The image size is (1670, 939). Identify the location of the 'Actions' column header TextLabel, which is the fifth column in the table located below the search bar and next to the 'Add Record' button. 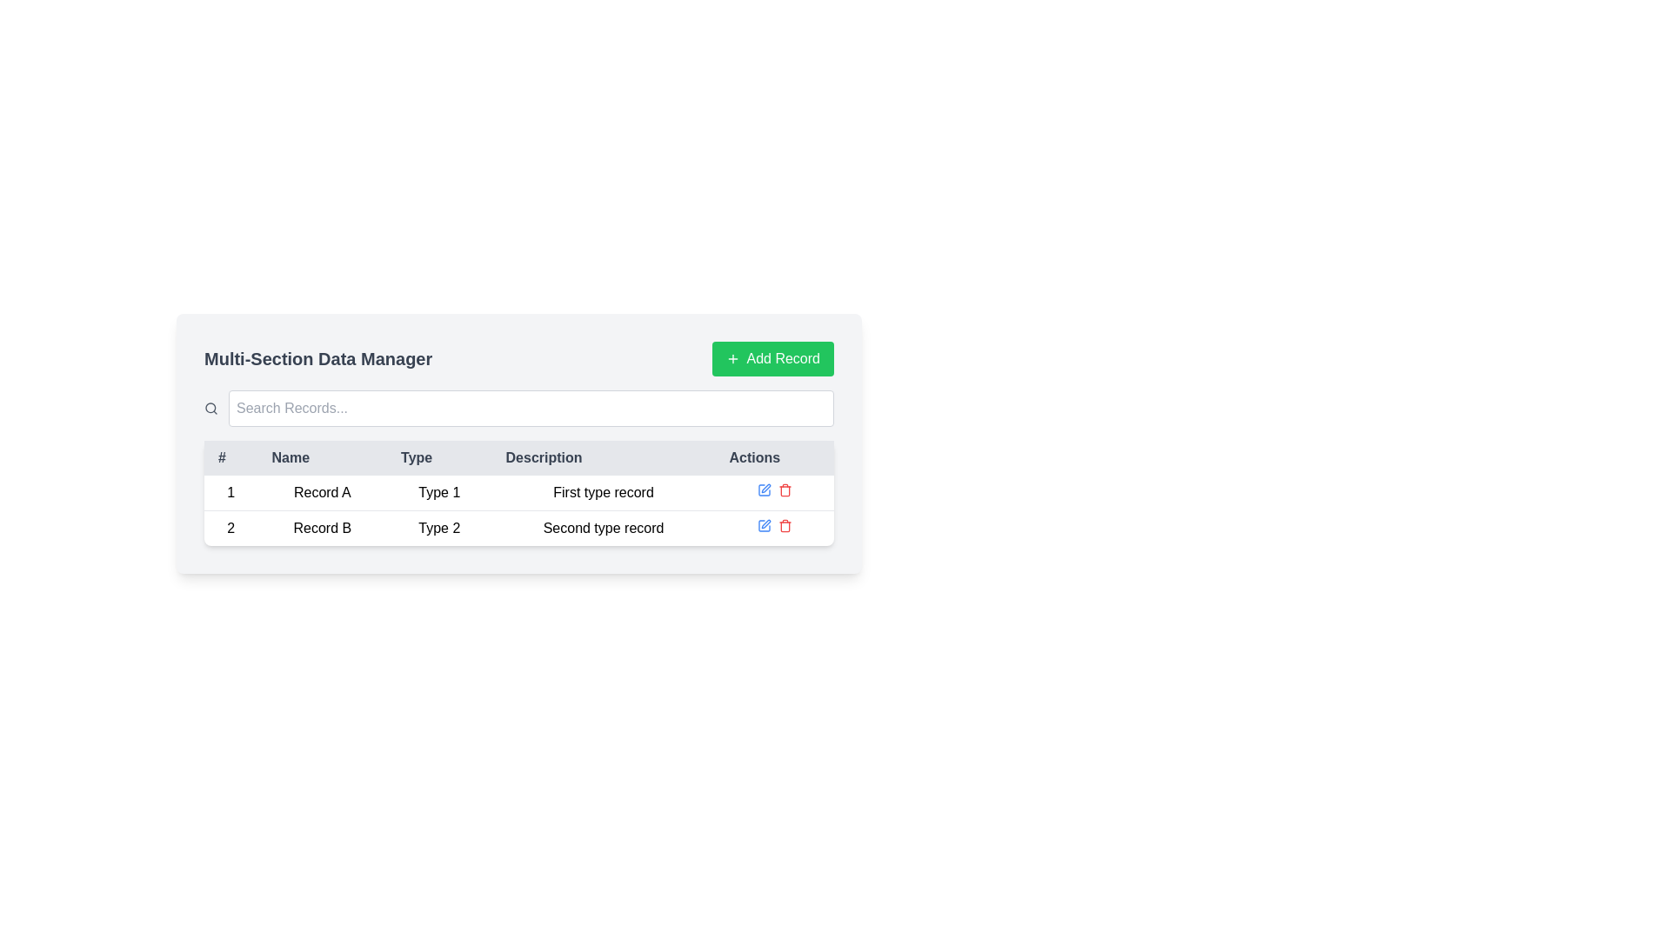
(773, 457).